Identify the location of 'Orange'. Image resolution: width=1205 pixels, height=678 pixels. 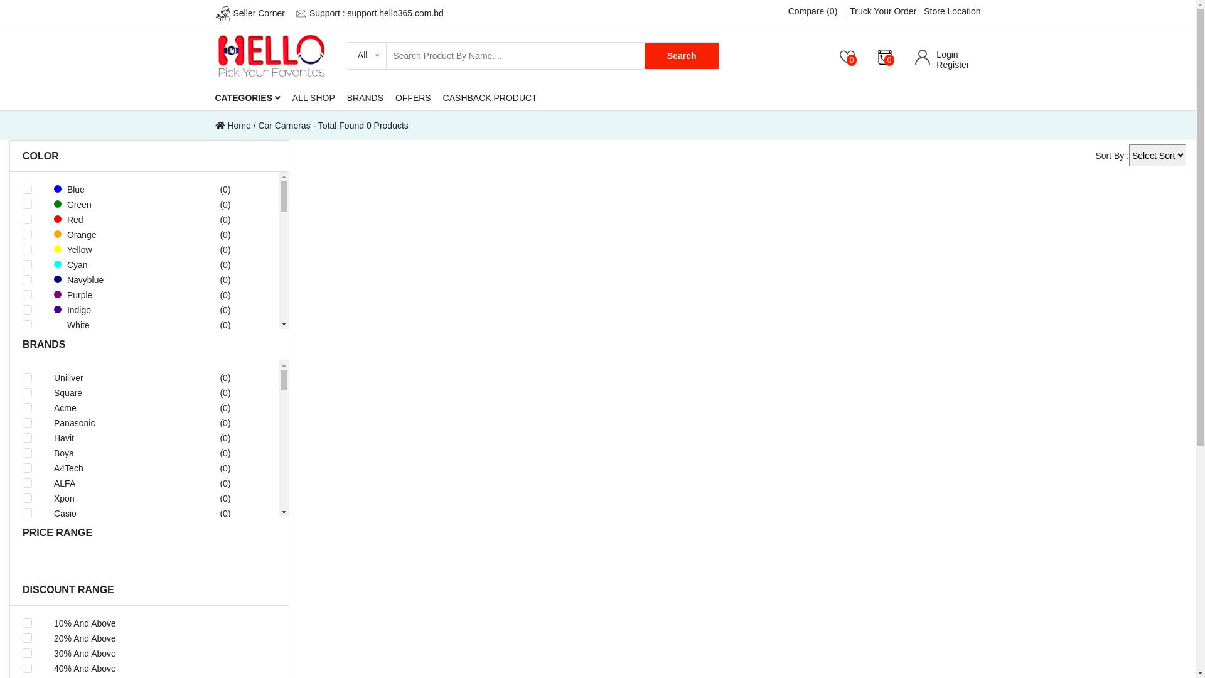
(111, 235).